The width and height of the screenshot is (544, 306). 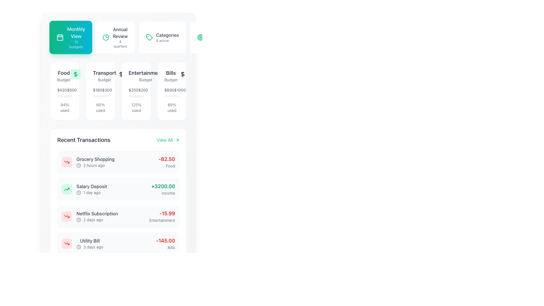 I want to click on the Text label that shows the elapsed time since the transaction, positioned in the second column of the 'Recent Transactions' section, directly to the right of the small clock icon and below 'Grocery Shopping', so click(x=94, y=165).